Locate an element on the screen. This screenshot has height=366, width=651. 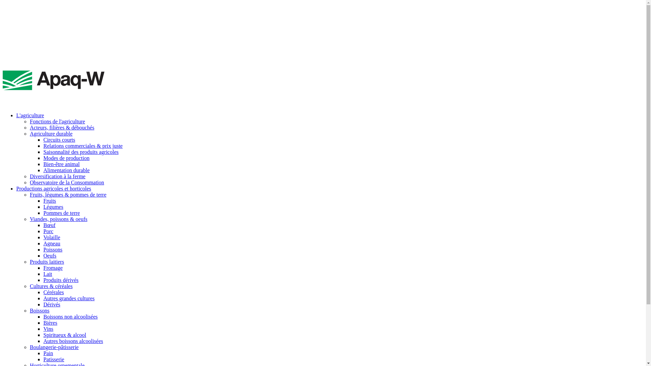
'Poissons' is located at coordinates (53, 249).